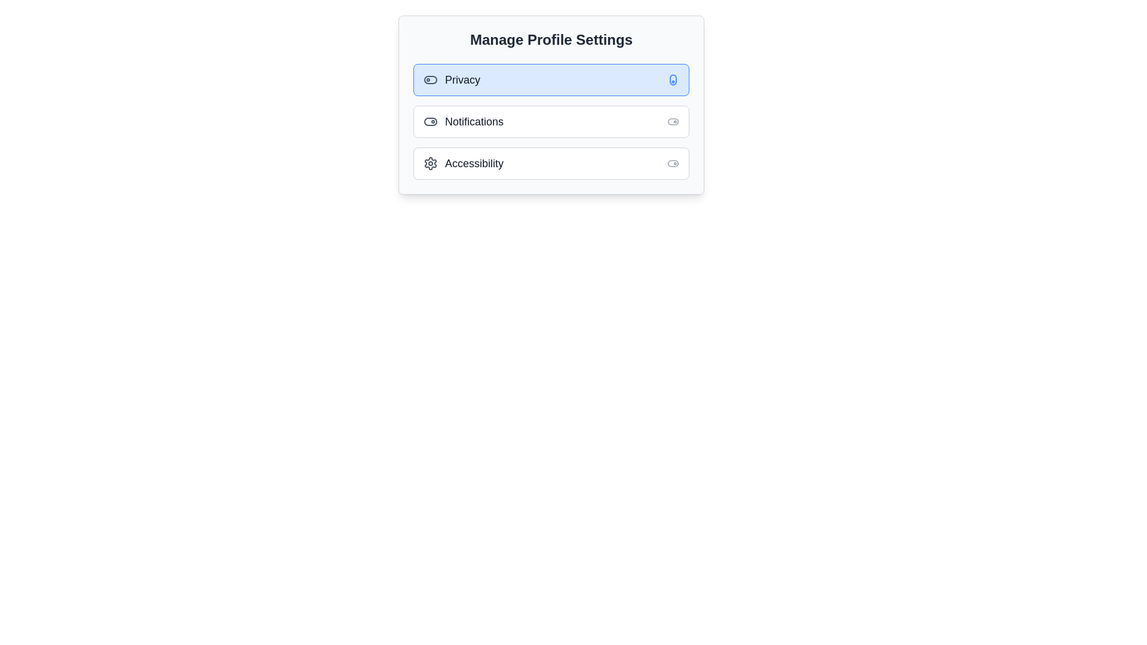  What do you see at coordinates (673, 122) in the screenshot?
I see `the toggle switch styled as an SVG icon located in the 'Notifications' section of the 'Manage Profile Settings' interface` at bounding box center [673, 122].